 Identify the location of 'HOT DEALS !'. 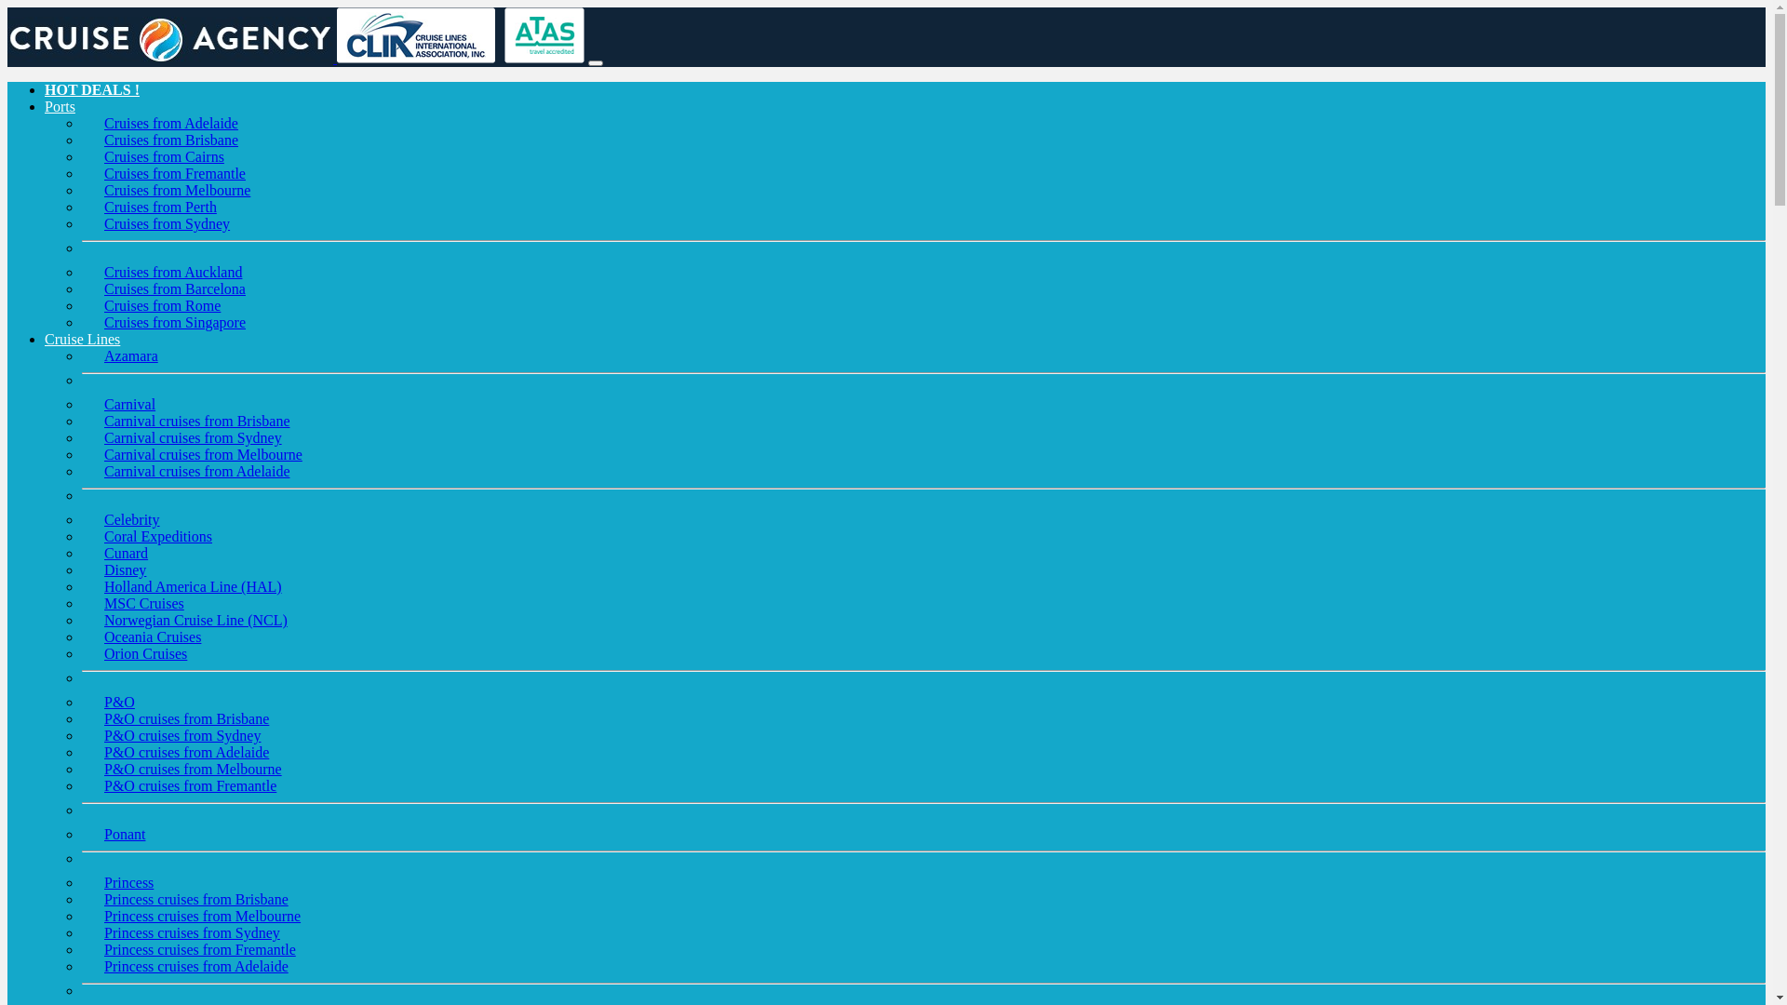
(91, 89).